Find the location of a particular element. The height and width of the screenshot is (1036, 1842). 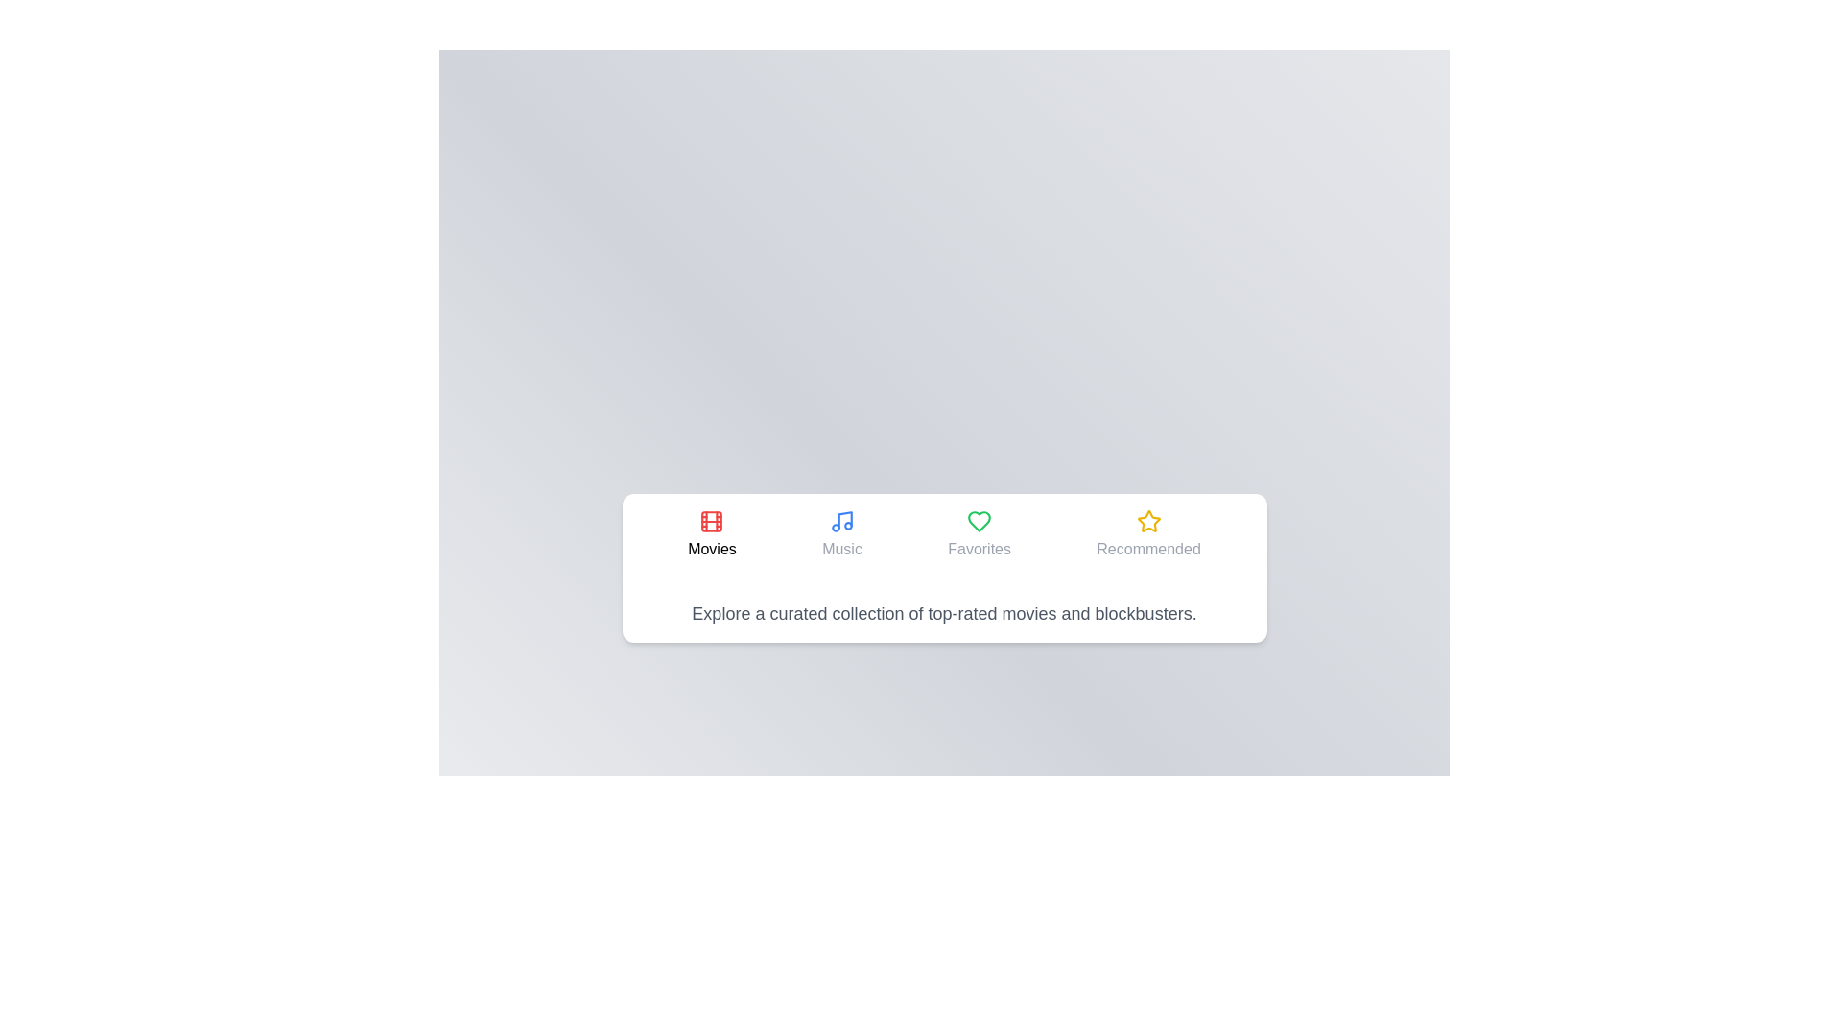

the Favorites tab to observe style changes is located at coordinates (980, 534).